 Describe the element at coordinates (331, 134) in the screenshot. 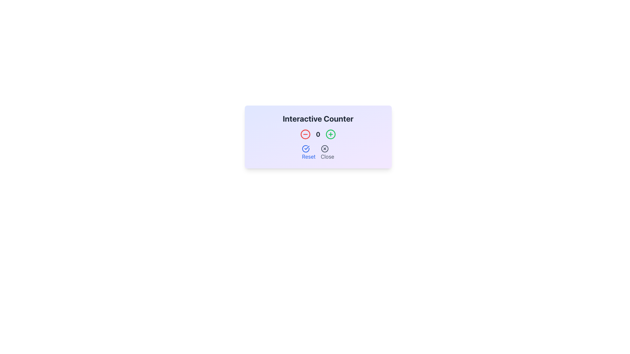

I see `the circular outline element within the plus sign icon button located at the top section of the interface` at that location.